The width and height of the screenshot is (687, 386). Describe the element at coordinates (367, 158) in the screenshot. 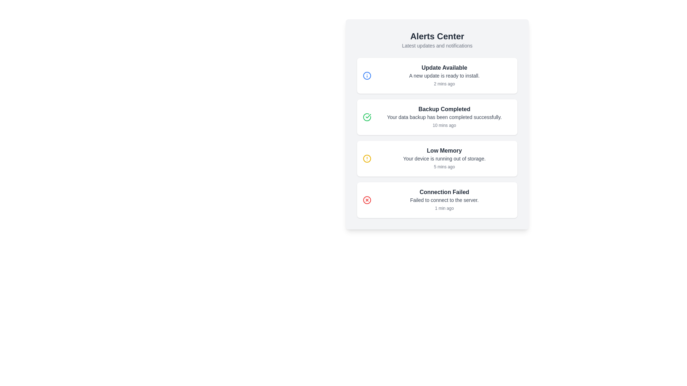

I see `Circle SVG component that serves as a visual indicator for the 'Low Memory' alert message` at that location.